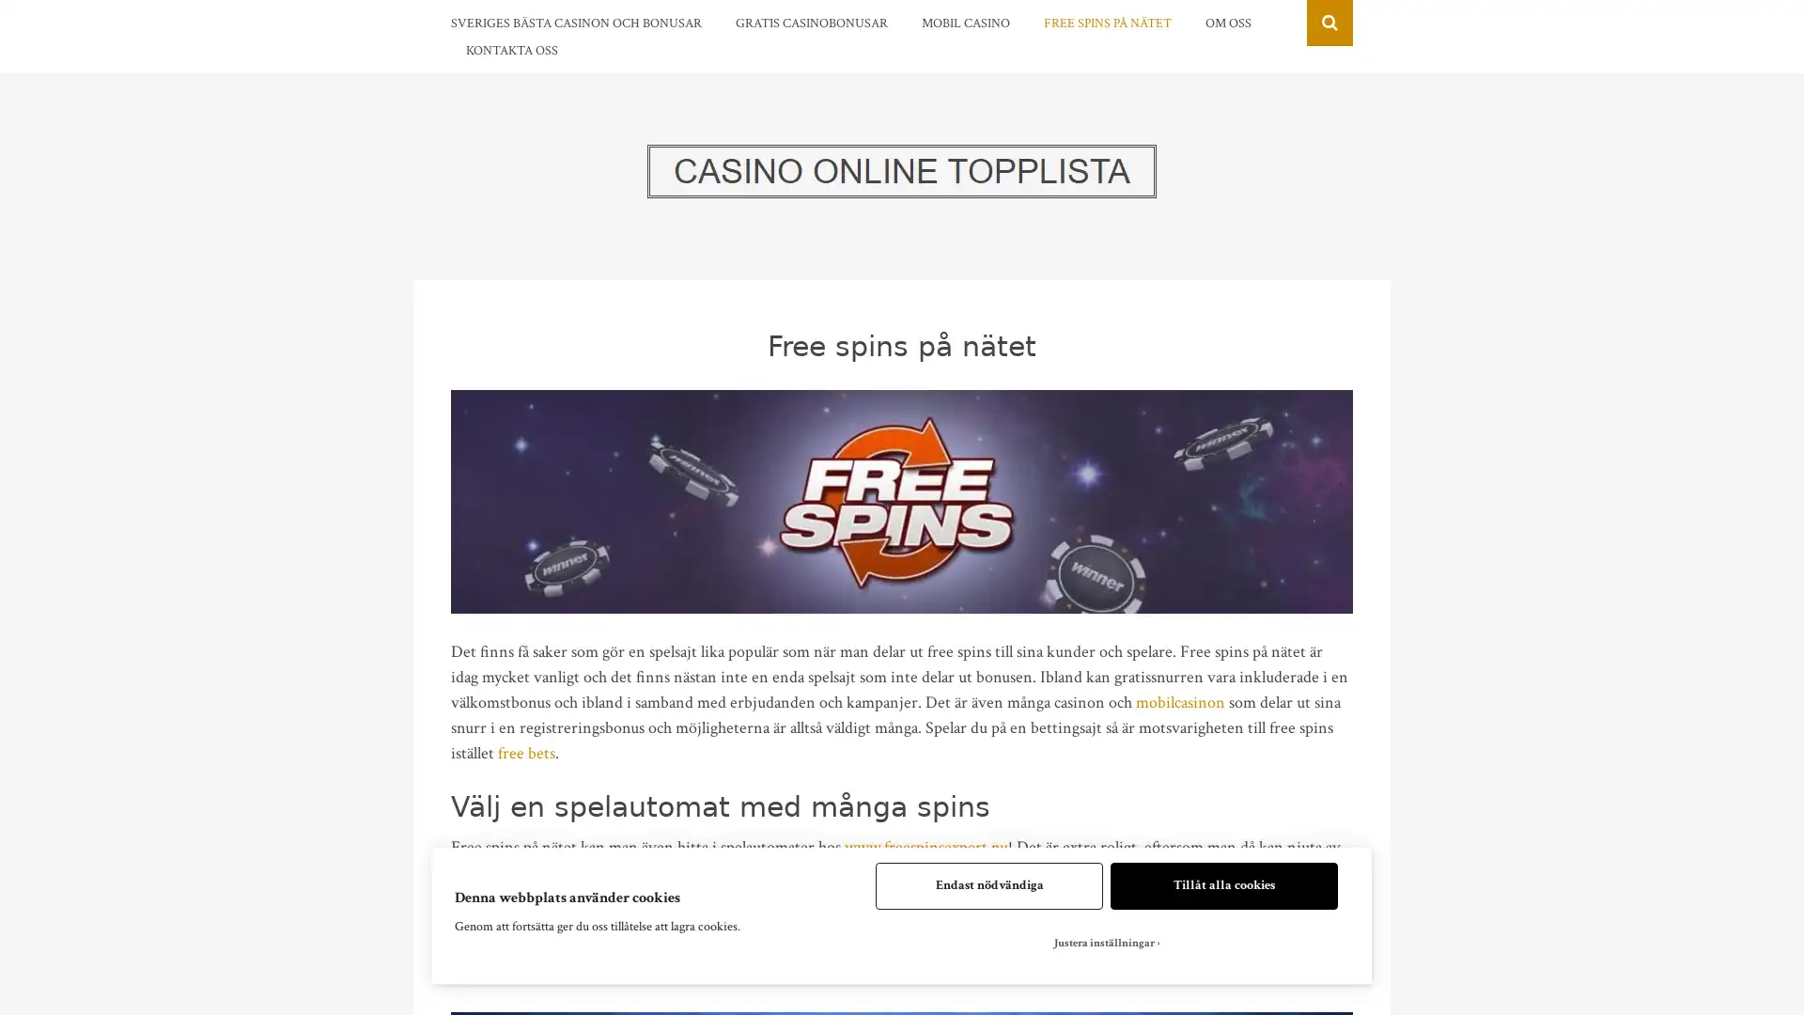  I want to click on Tillat alla cookies, so click(1223, 885).